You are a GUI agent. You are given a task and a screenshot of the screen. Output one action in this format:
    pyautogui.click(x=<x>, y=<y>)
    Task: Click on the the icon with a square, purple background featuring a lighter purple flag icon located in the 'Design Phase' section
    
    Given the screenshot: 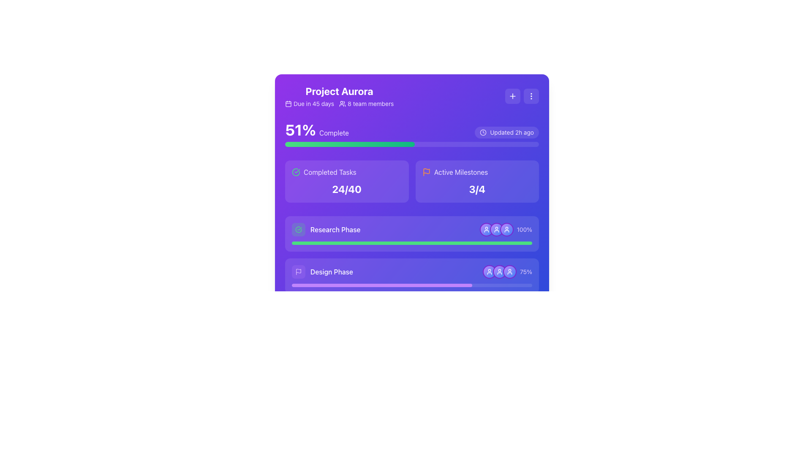 What is the action you would take?
    pyautogui.click(x=298, y=272)
    